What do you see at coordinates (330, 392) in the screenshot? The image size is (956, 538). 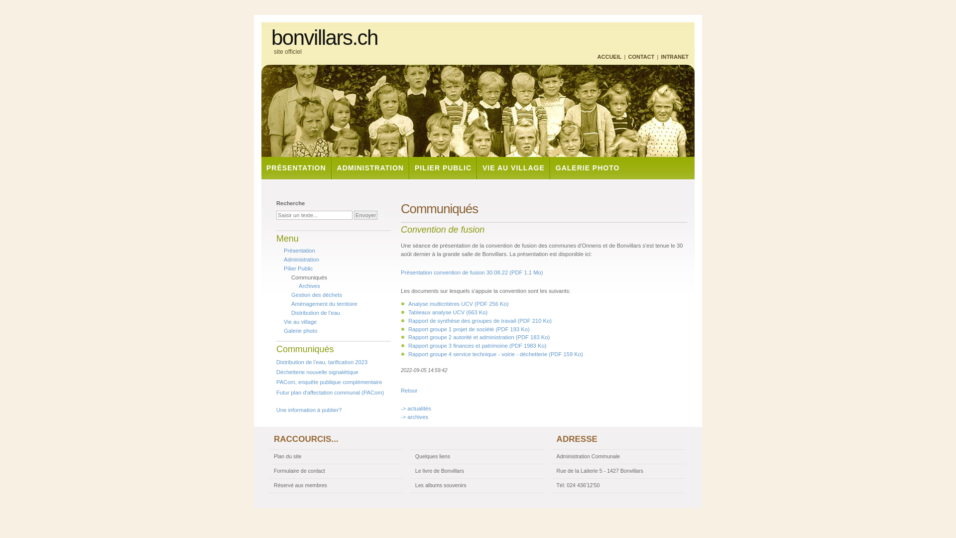 I see `'Futur plan d'affectation communal (PACom)'` at bounding box center [330, 392].